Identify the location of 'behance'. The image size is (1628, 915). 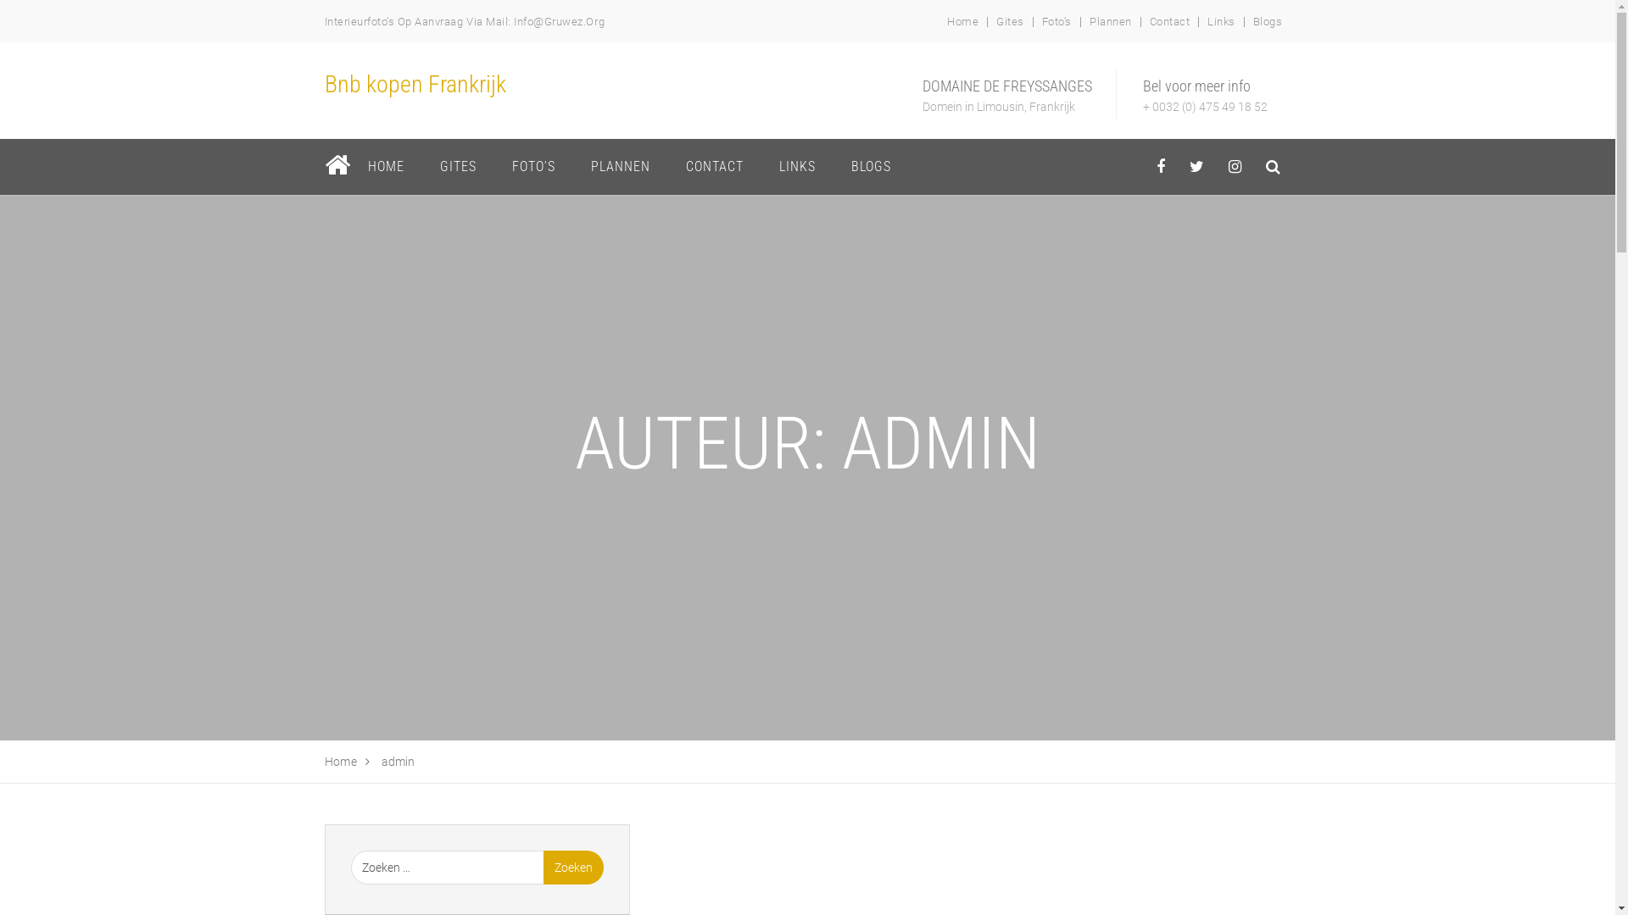
(1273, 166).